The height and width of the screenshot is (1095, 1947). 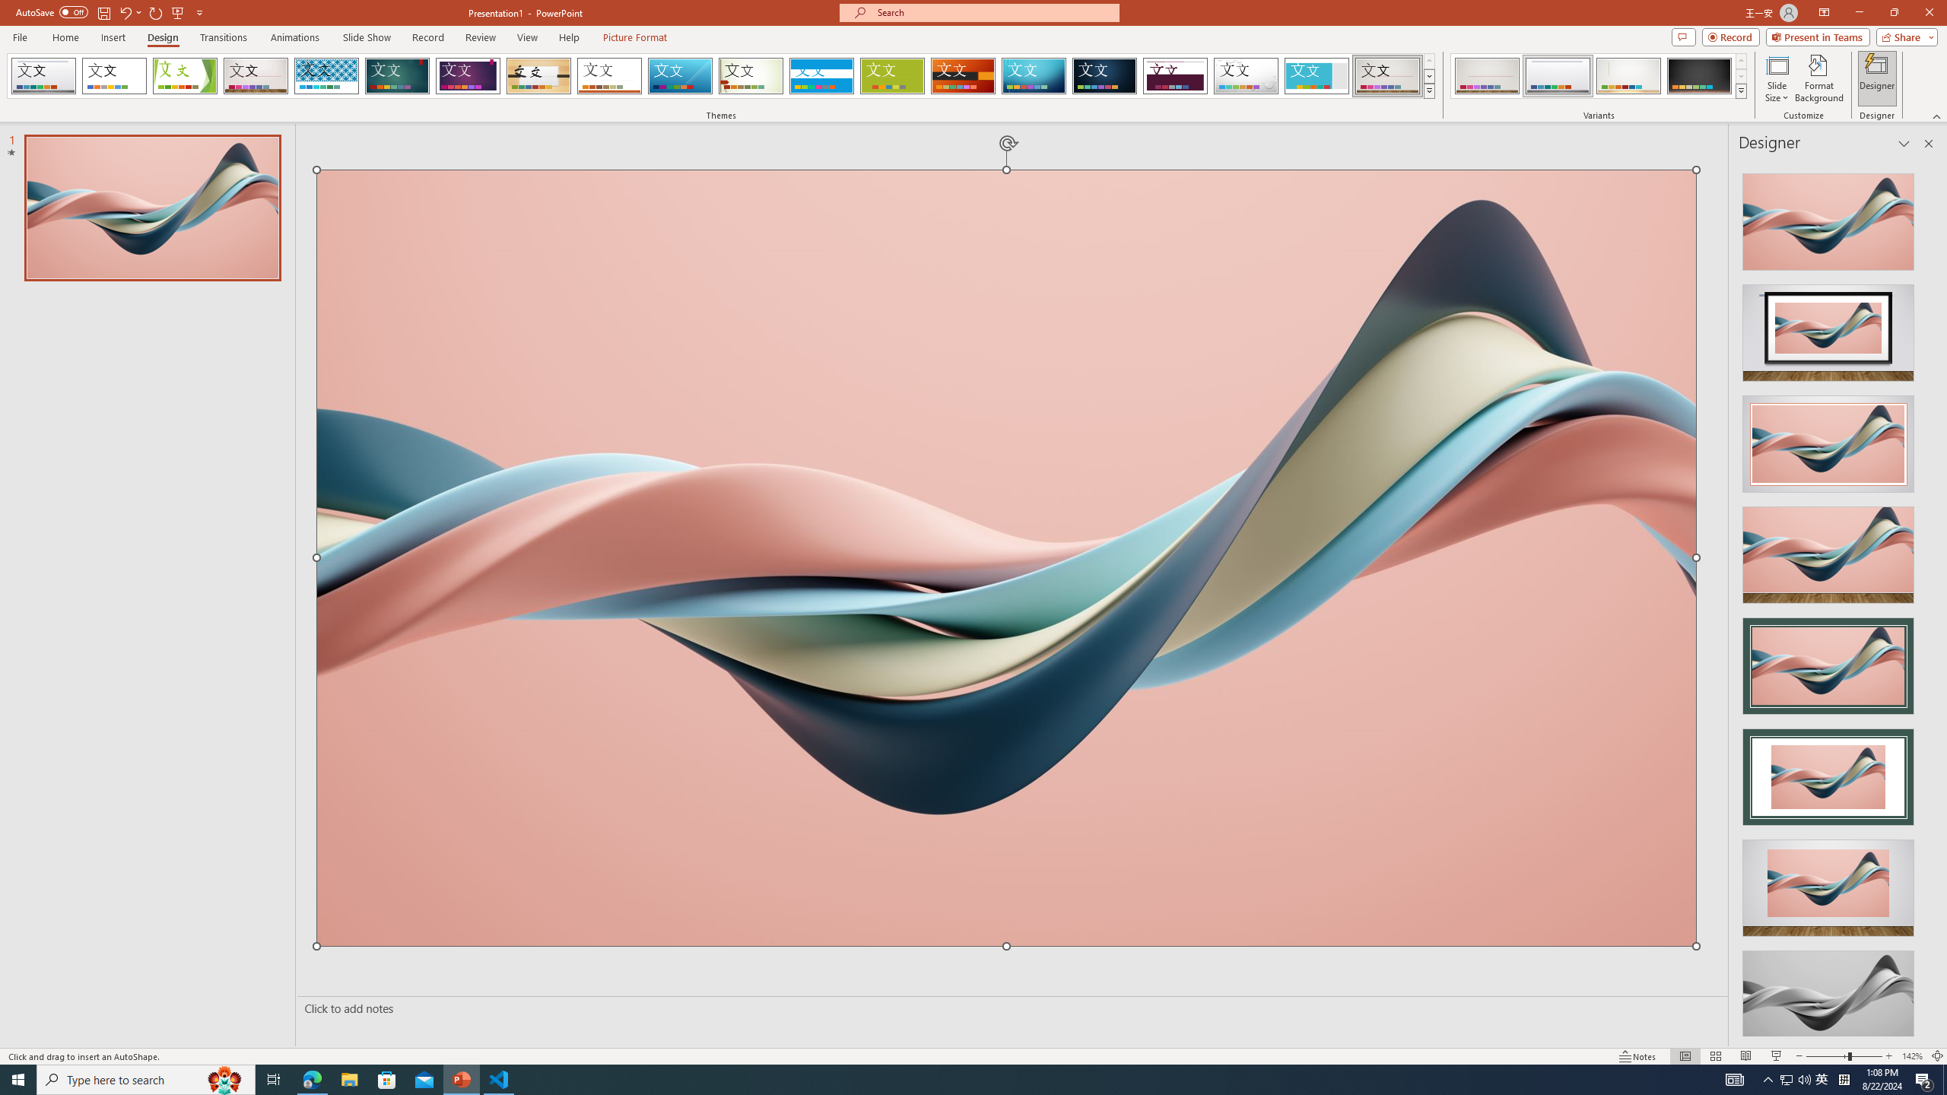 I want to click on 'Frame', so click(x=1317, y=75).